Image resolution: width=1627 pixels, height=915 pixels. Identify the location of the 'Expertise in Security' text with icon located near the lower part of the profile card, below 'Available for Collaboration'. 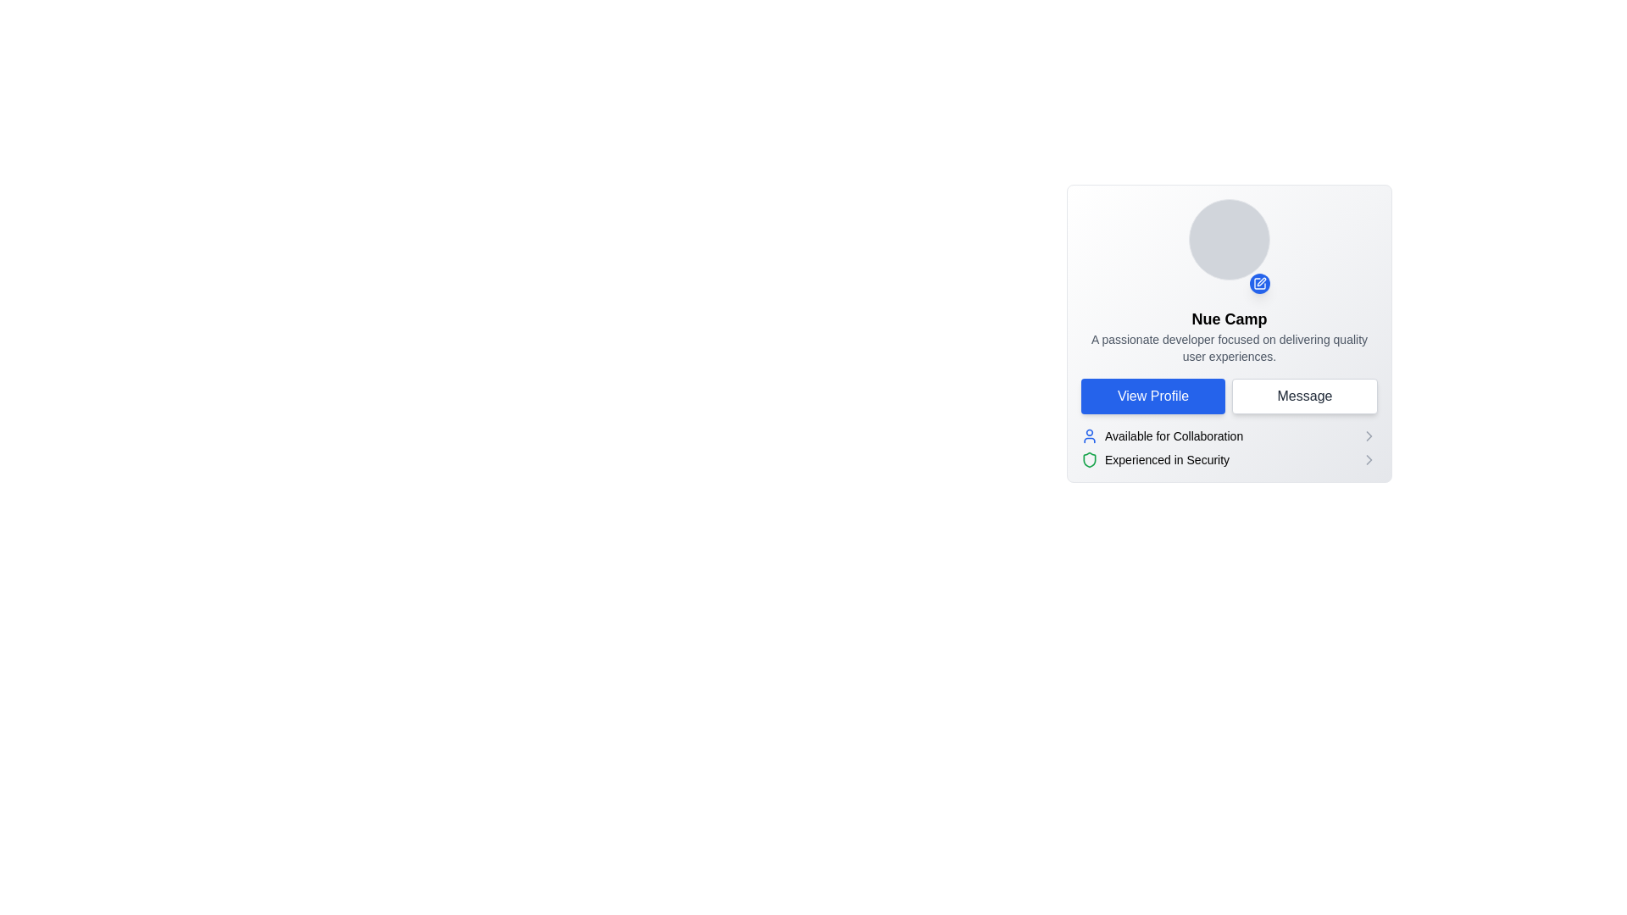
(1154, 460).